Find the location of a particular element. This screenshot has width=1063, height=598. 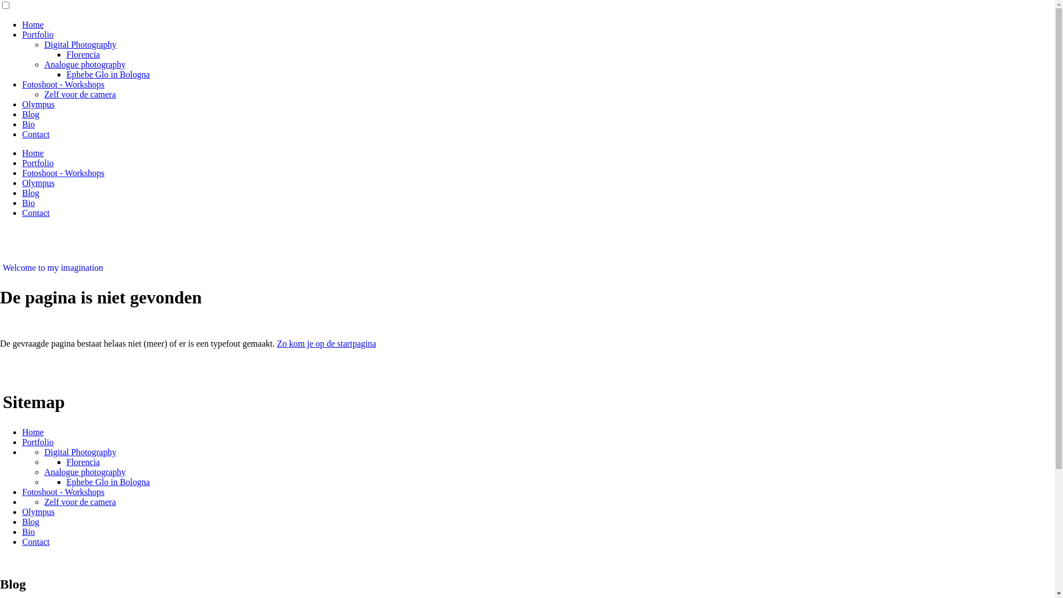

'Olympus' is located at coordinates (22, 182).